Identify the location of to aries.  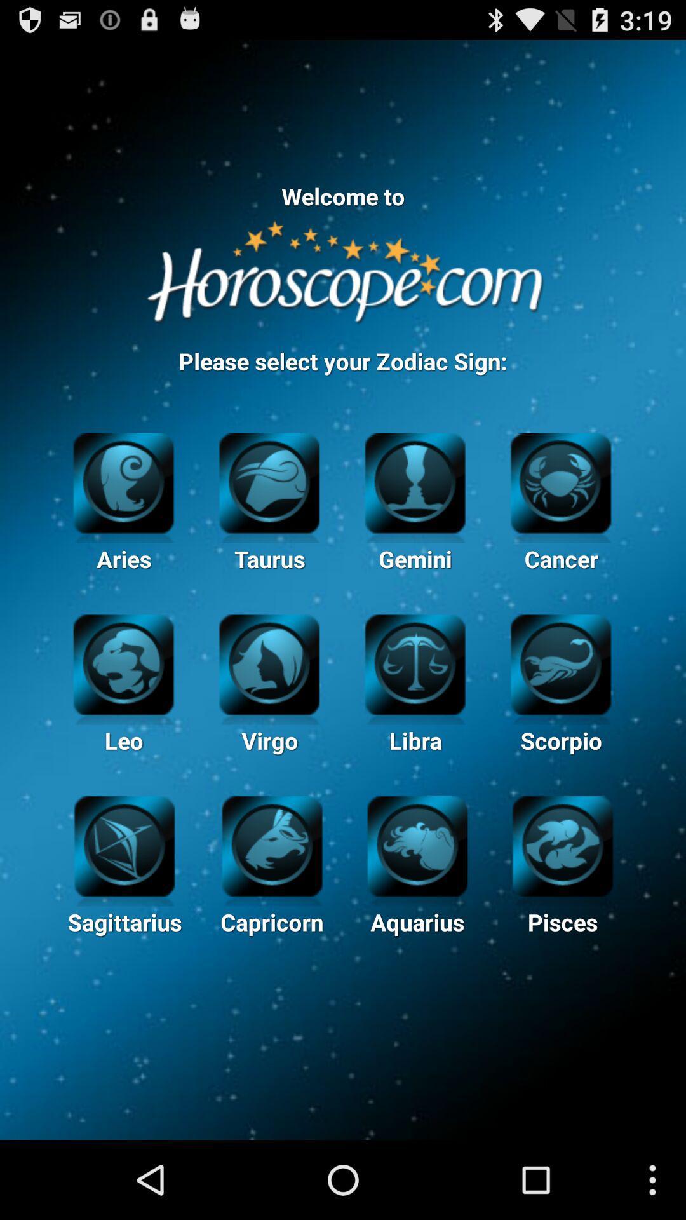
(123, 480).